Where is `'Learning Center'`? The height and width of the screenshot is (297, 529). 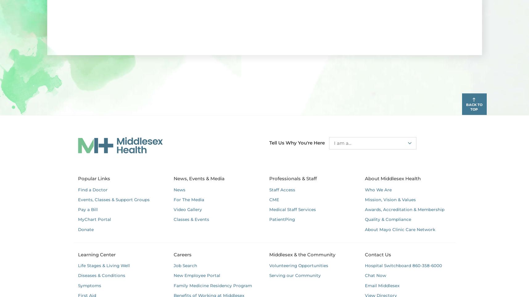
'Learning Center' is located at coordinates (77, 254).